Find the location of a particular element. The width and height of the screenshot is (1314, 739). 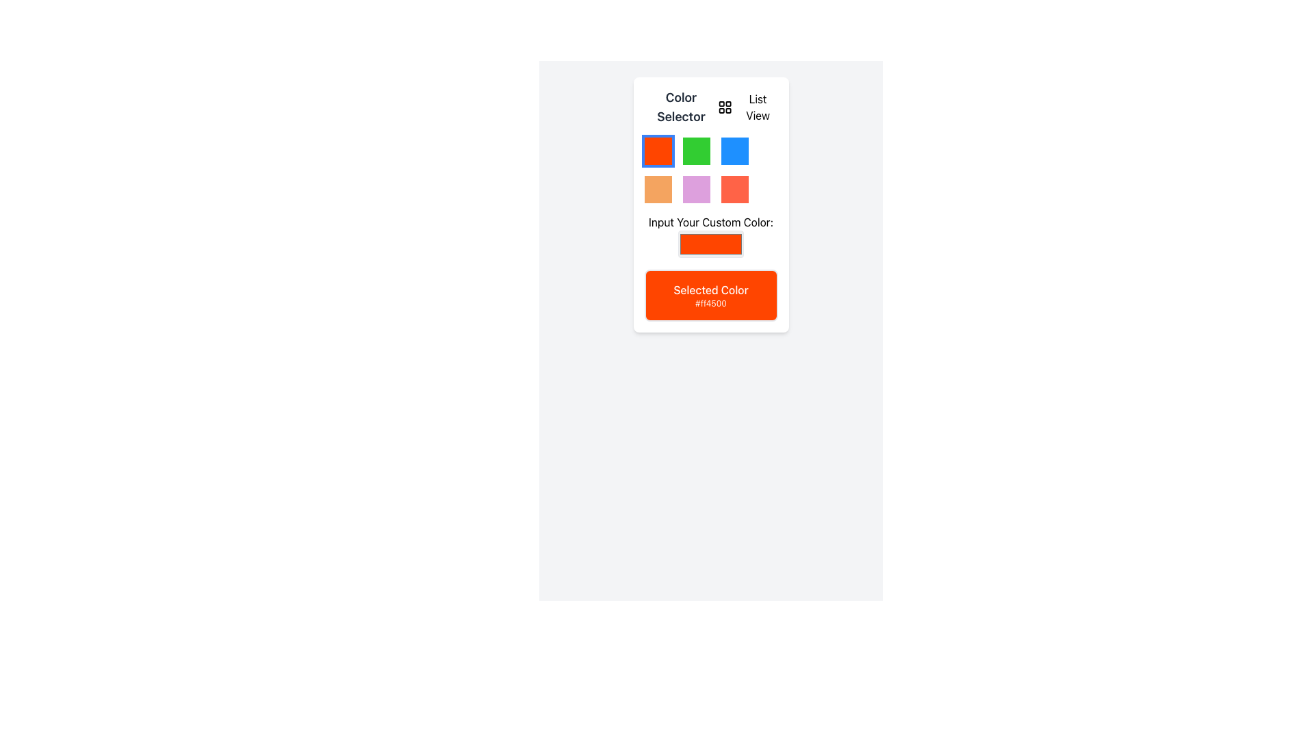

the toggle button with an icon and text label to switch to the 'List View' display mode, located at the top right corner of the 'Color Selector' element is located at coordinates (747, 107).